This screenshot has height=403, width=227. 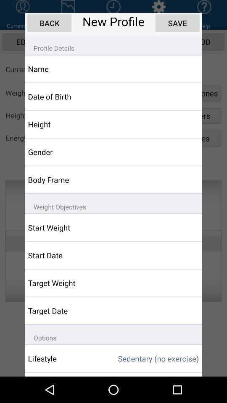 What do you see at coordinates (150, 358) in the screenshot?
I see `app next to lifestyle app` at bounding box center [150, 358].